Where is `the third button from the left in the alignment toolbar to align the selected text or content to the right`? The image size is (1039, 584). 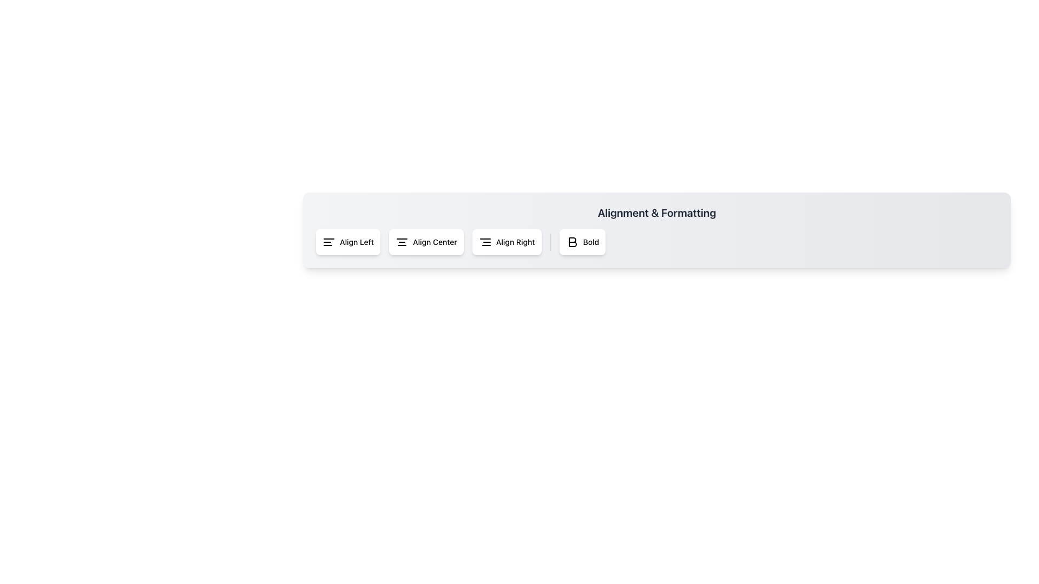 the third button from the left in the alignment toolbar to align the selected text or content to the right is located at coordinates (506, 241).